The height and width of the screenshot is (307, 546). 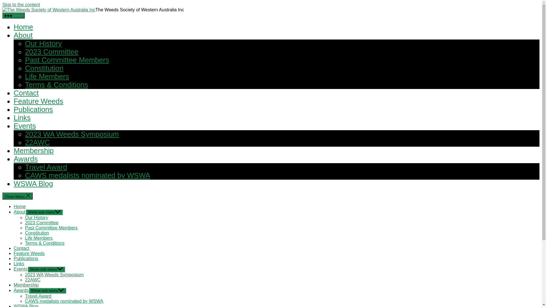 I want to click on 'Contact', so click(x=21, y=248).